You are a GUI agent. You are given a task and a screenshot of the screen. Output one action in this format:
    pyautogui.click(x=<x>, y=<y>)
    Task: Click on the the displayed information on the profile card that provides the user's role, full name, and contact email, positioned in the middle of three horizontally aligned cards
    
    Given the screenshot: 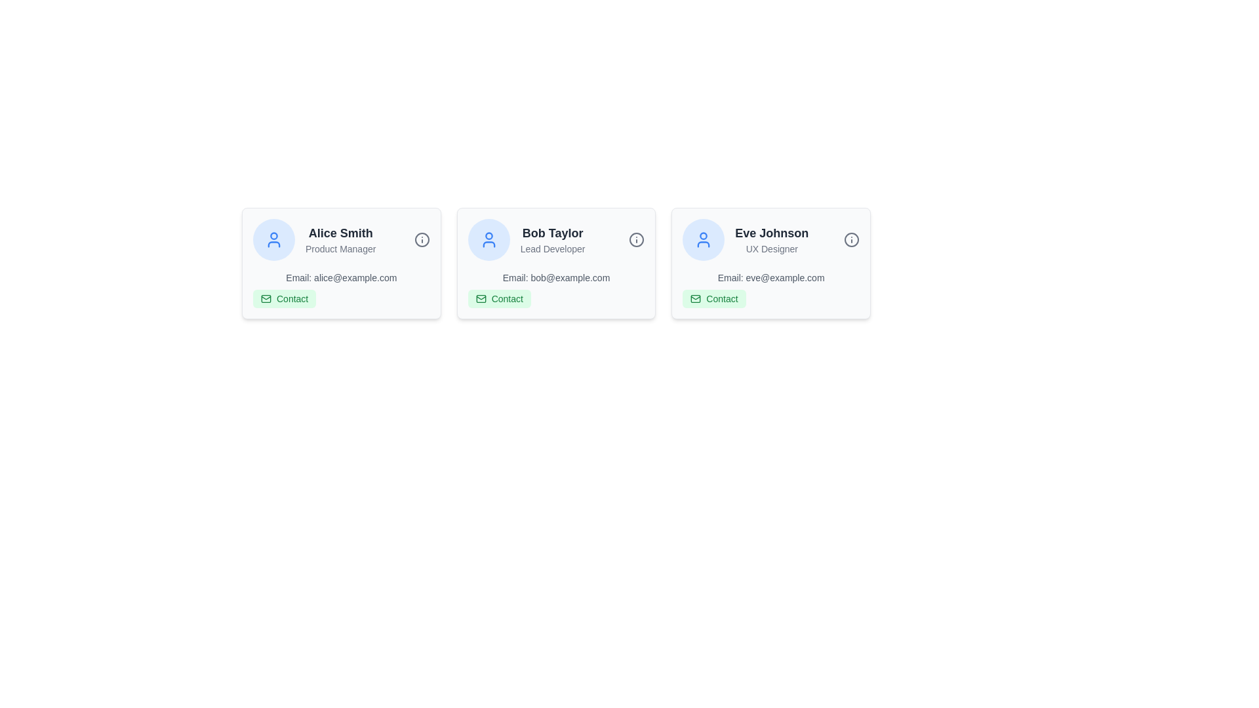 What is the action you would take?
    pyautogui.click(x=556, y=263)
    